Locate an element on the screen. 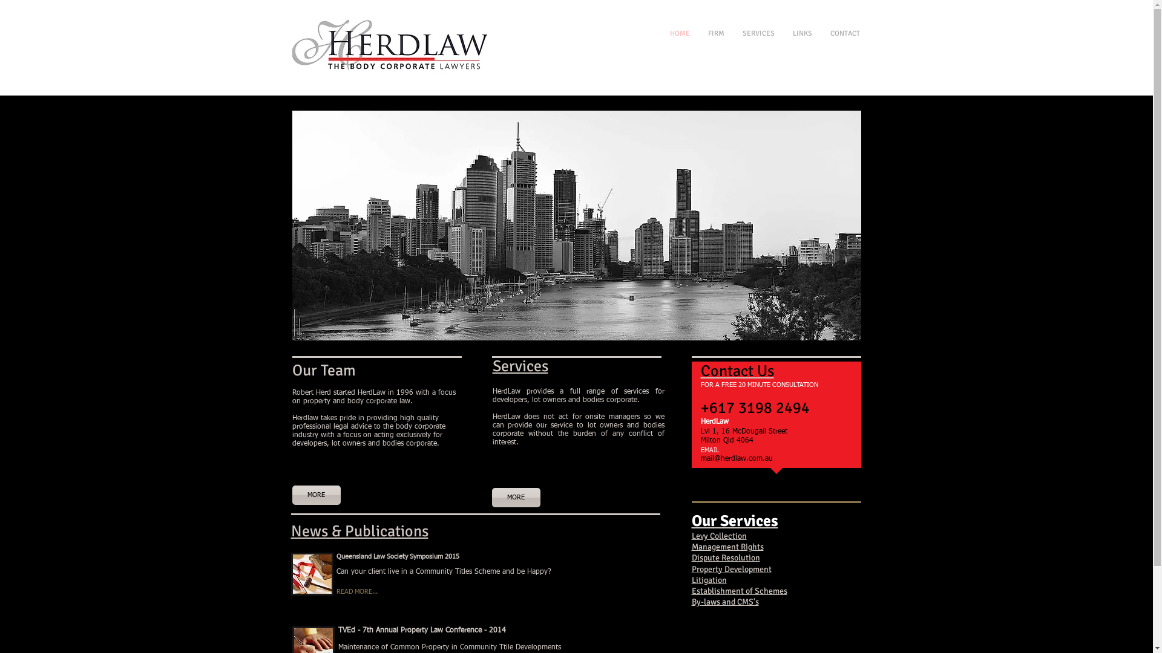 This screenshot has height=653, width=1162. 'Litigation' is located at coordinates (691, 579).